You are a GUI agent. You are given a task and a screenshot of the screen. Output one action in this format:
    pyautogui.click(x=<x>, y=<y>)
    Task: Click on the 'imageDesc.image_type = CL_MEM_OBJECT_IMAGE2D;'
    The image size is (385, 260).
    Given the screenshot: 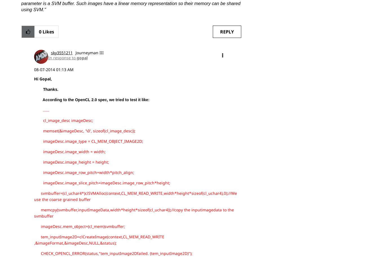 What is the action you would take?
    pyautogui.click(x=33, y=141)
    